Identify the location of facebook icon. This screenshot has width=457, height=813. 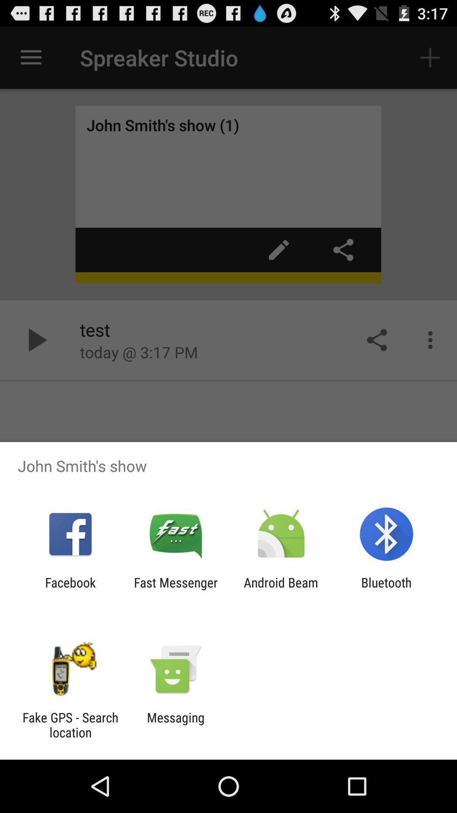
(70, 589).